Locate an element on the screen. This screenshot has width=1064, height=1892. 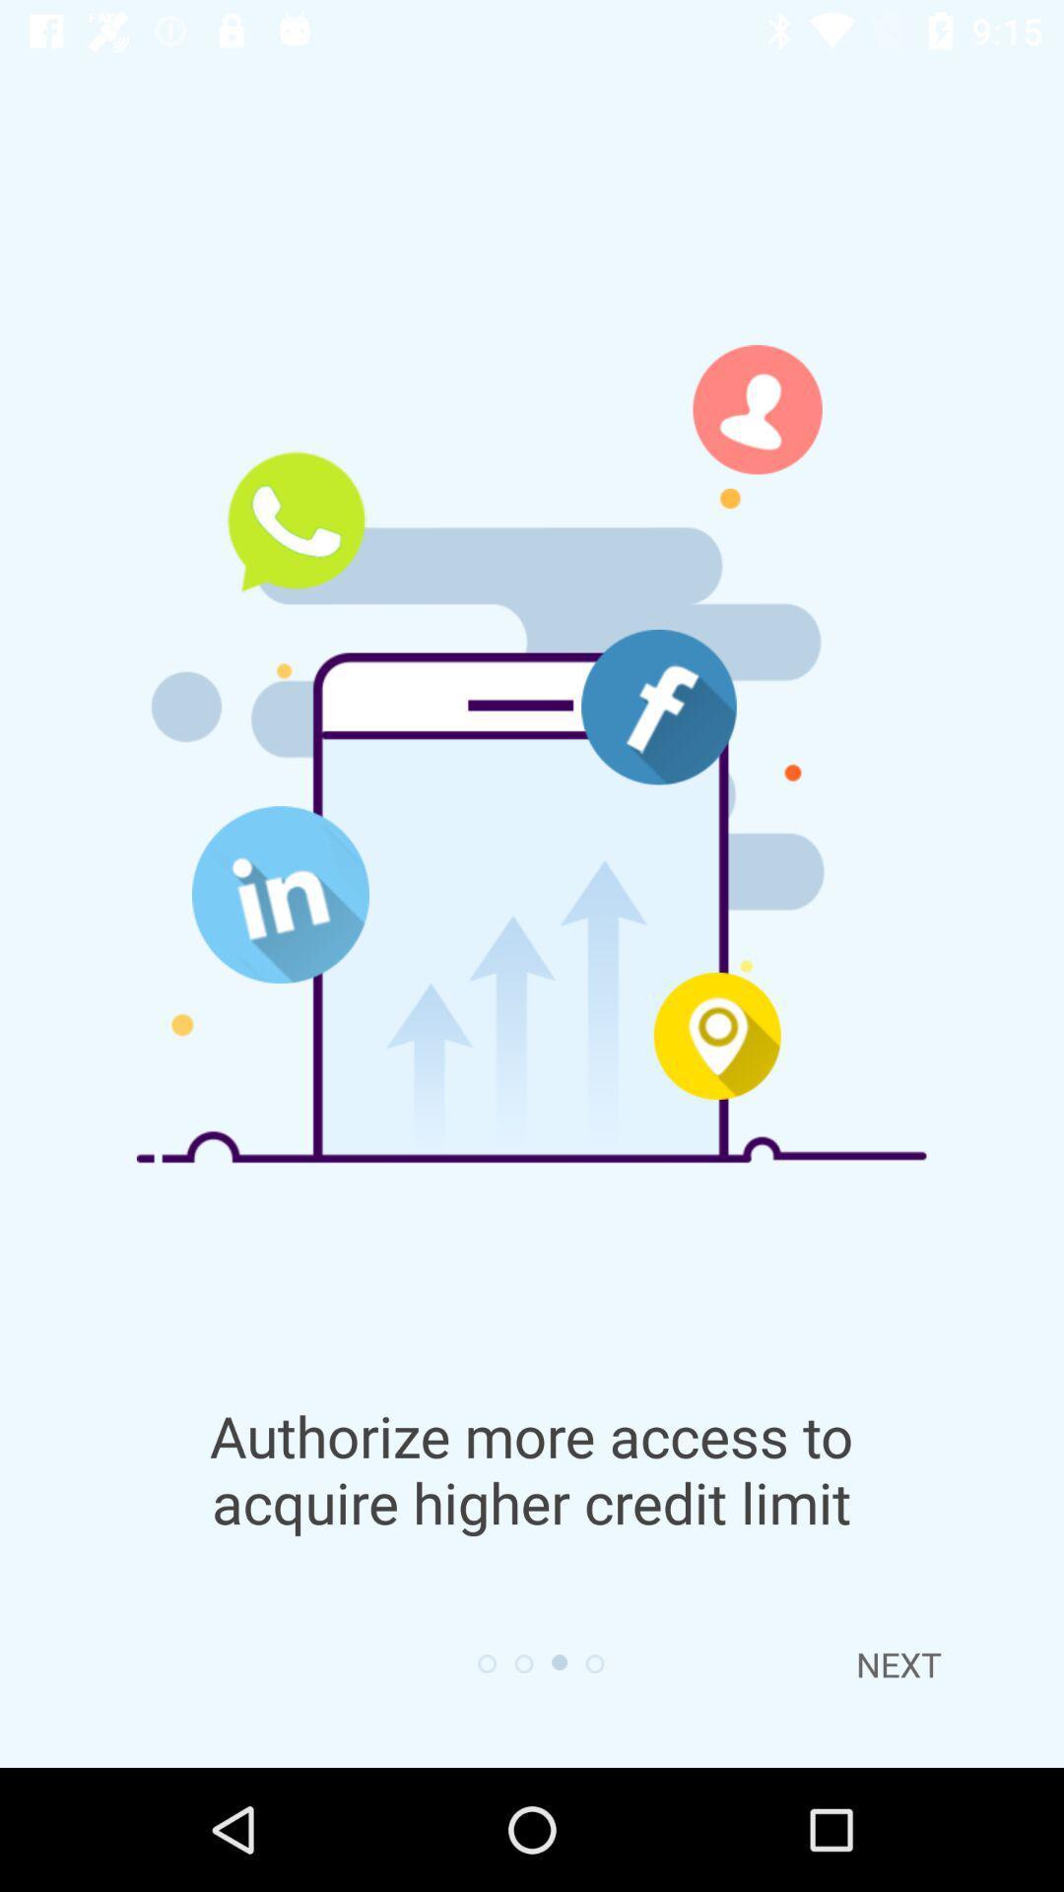
next at the bottom right corner is located at coordinates (898, 1663).